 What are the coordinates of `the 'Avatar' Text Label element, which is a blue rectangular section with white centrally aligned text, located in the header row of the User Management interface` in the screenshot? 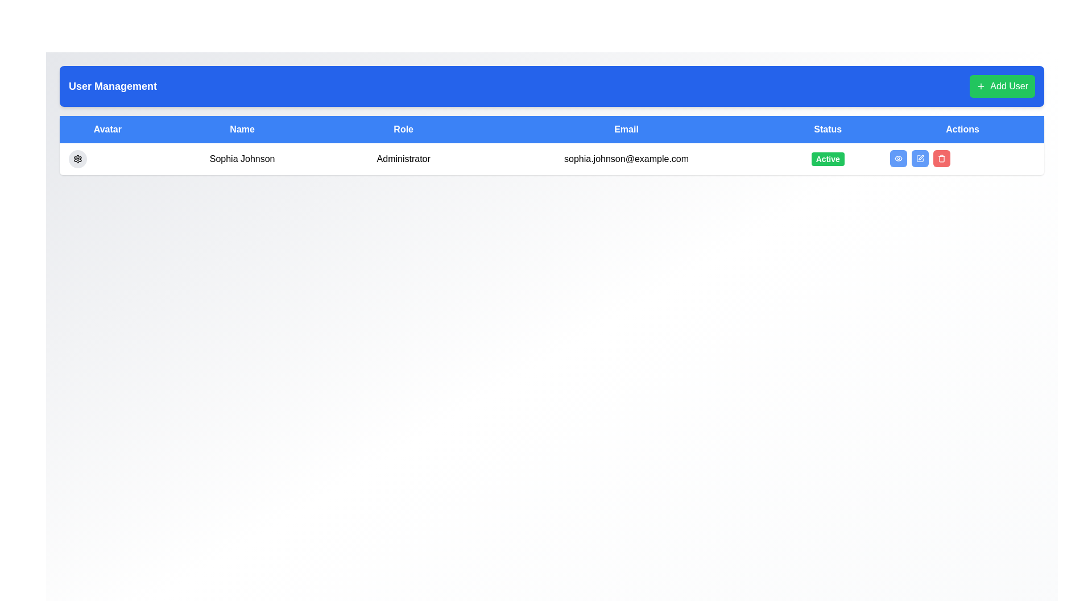 It's located at (107, 128).